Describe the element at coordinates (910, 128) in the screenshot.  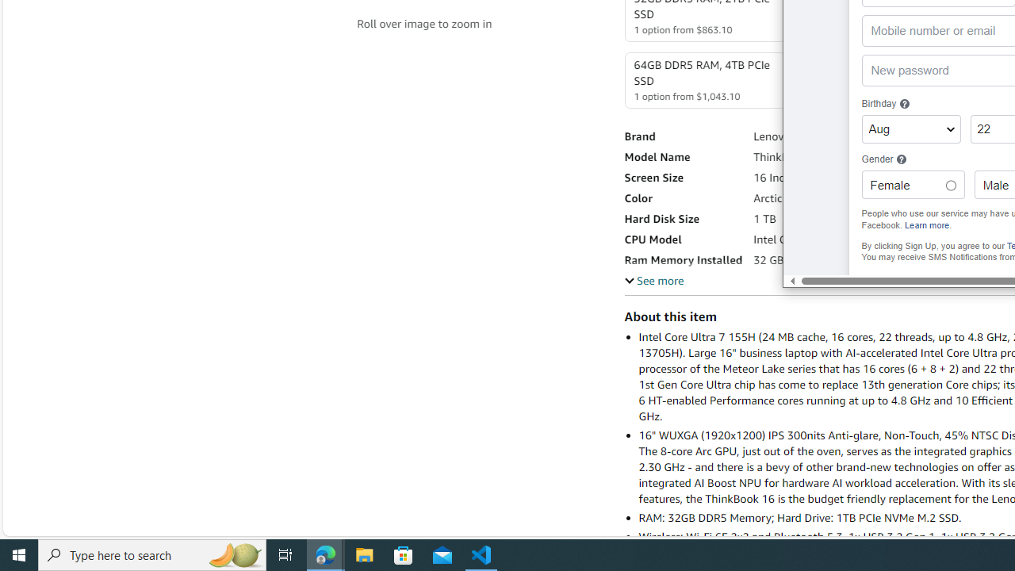
I see `'Month'` at that location.